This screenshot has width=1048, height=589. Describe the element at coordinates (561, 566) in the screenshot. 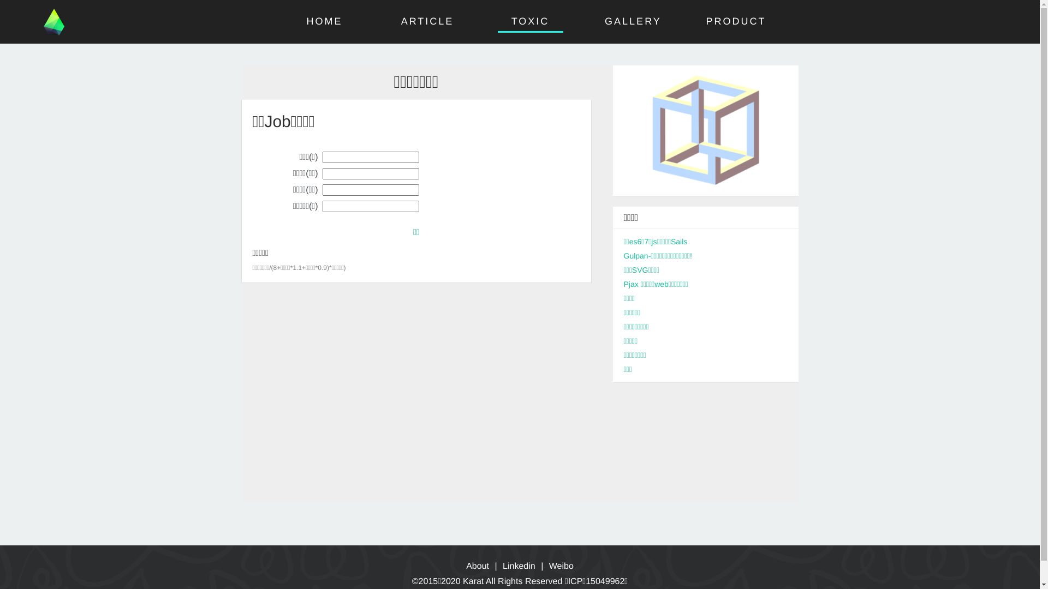

I see `'Weibo'` at that location.